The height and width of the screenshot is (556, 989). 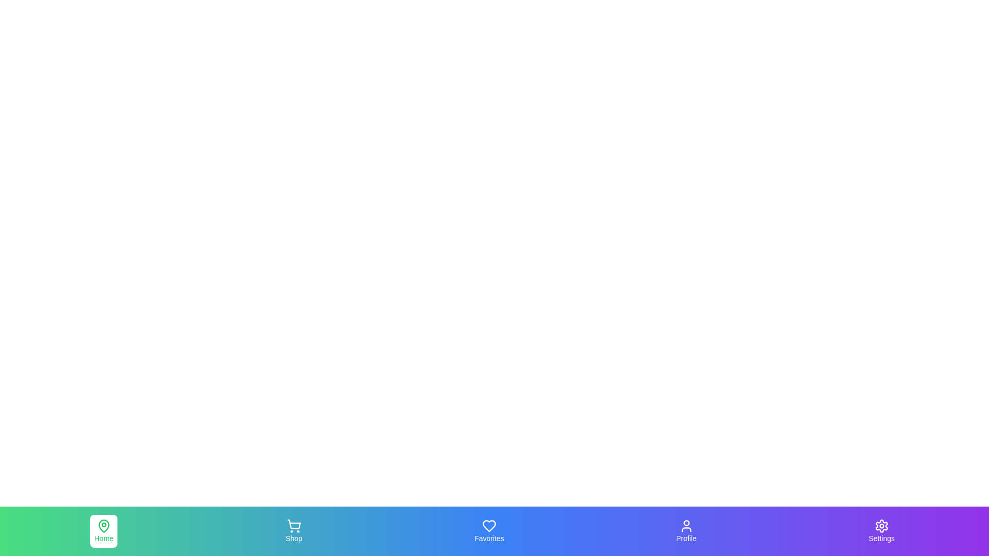 I want to click on the navigation tab labeled Favorites, so click(x=488, y=531).